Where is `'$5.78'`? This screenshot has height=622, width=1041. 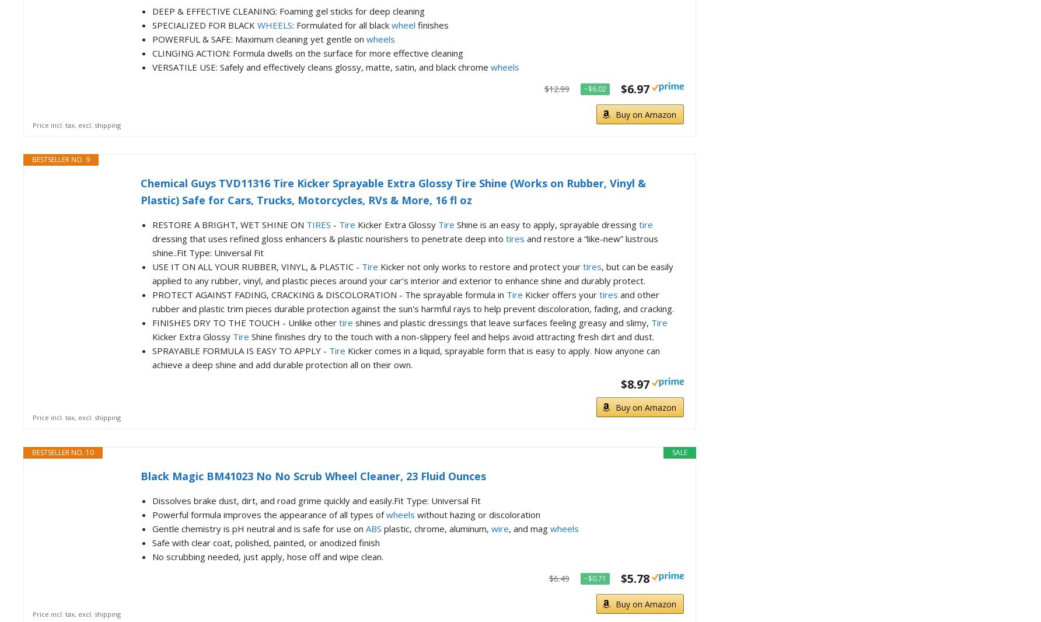
'$5.78' is located at coordinates (620, 578).